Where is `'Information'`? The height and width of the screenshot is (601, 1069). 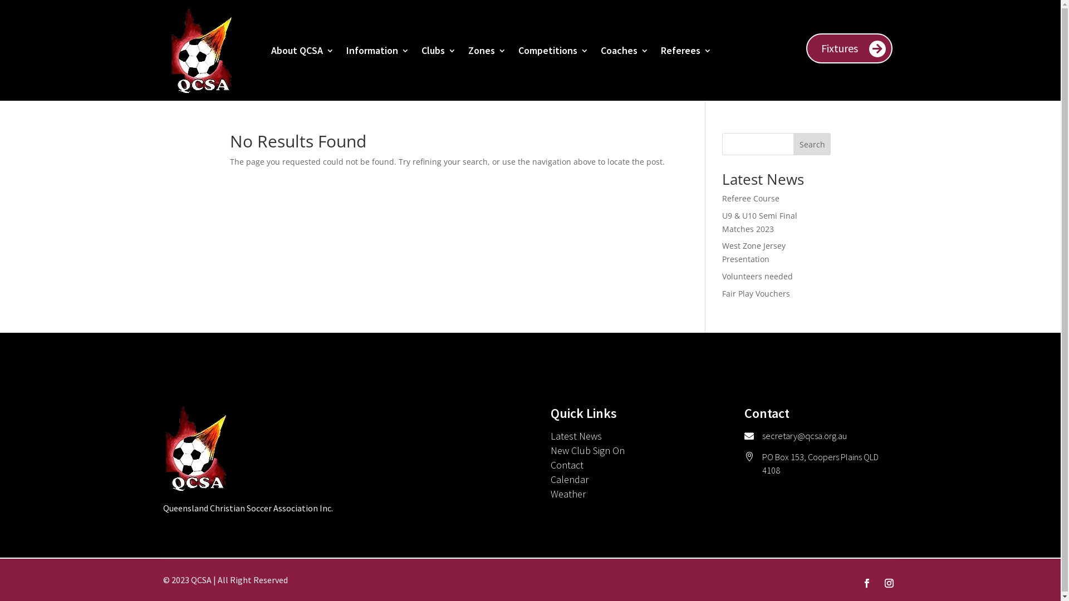 'Information' is located at coordinates (377, 50).